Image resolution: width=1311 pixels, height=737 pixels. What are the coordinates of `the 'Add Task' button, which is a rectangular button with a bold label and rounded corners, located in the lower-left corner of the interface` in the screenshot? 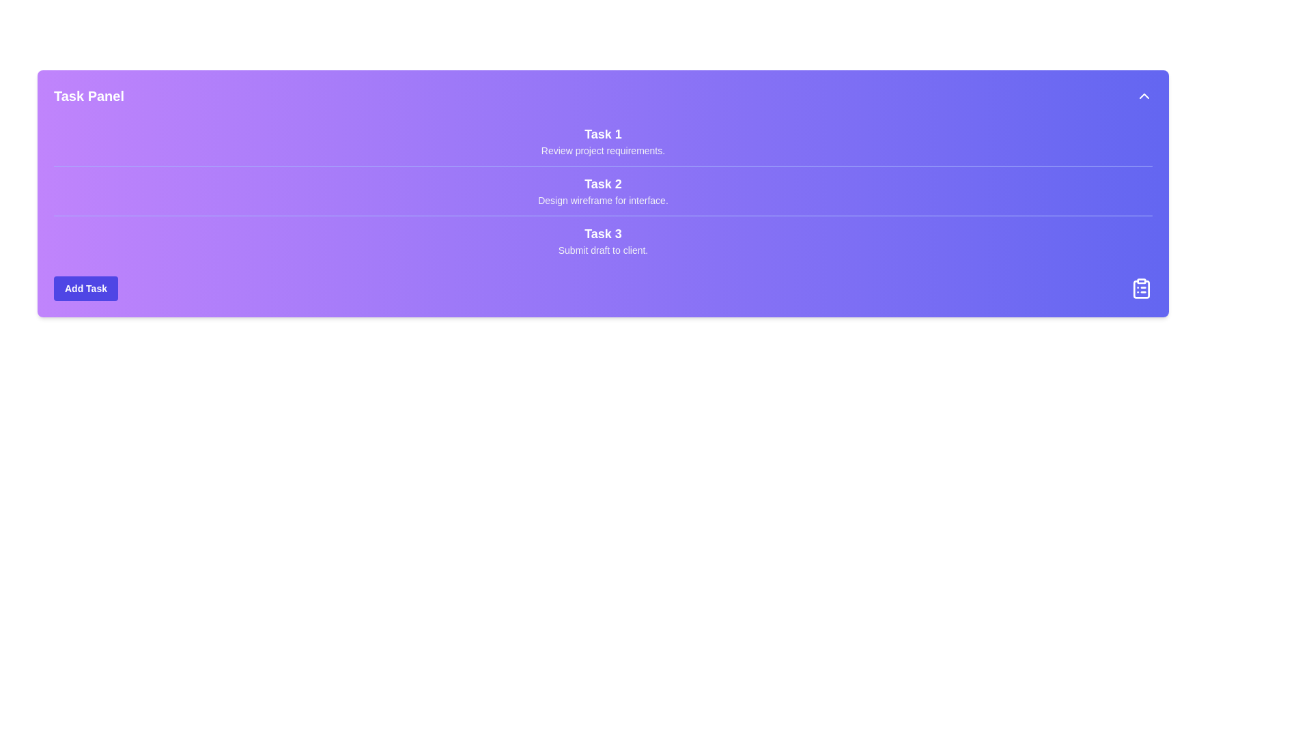 It's located at (85, 288).